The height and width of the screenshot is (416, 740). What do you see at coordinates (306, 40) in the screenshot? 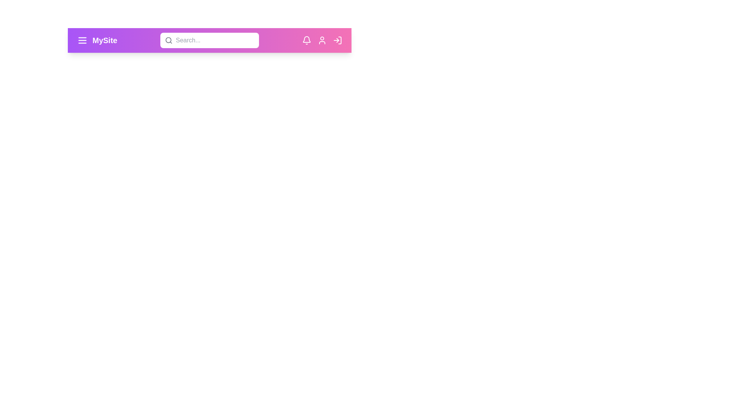
I see `the notification icon to view notifications` at bounding box center [306, 40].